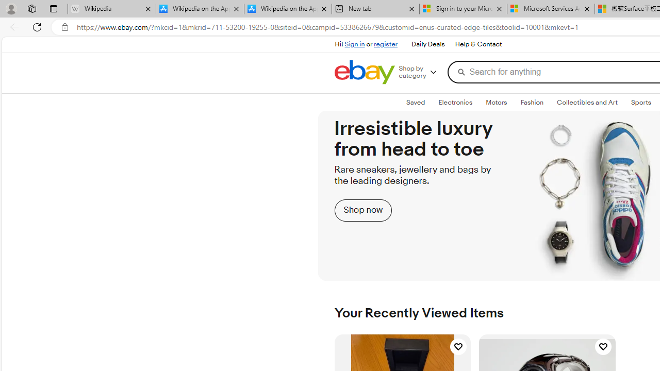 The image size is (660, 371). Describe the element at coordinates (477, 44) in the screenshot. I see `'Help & Contact'` at that location.